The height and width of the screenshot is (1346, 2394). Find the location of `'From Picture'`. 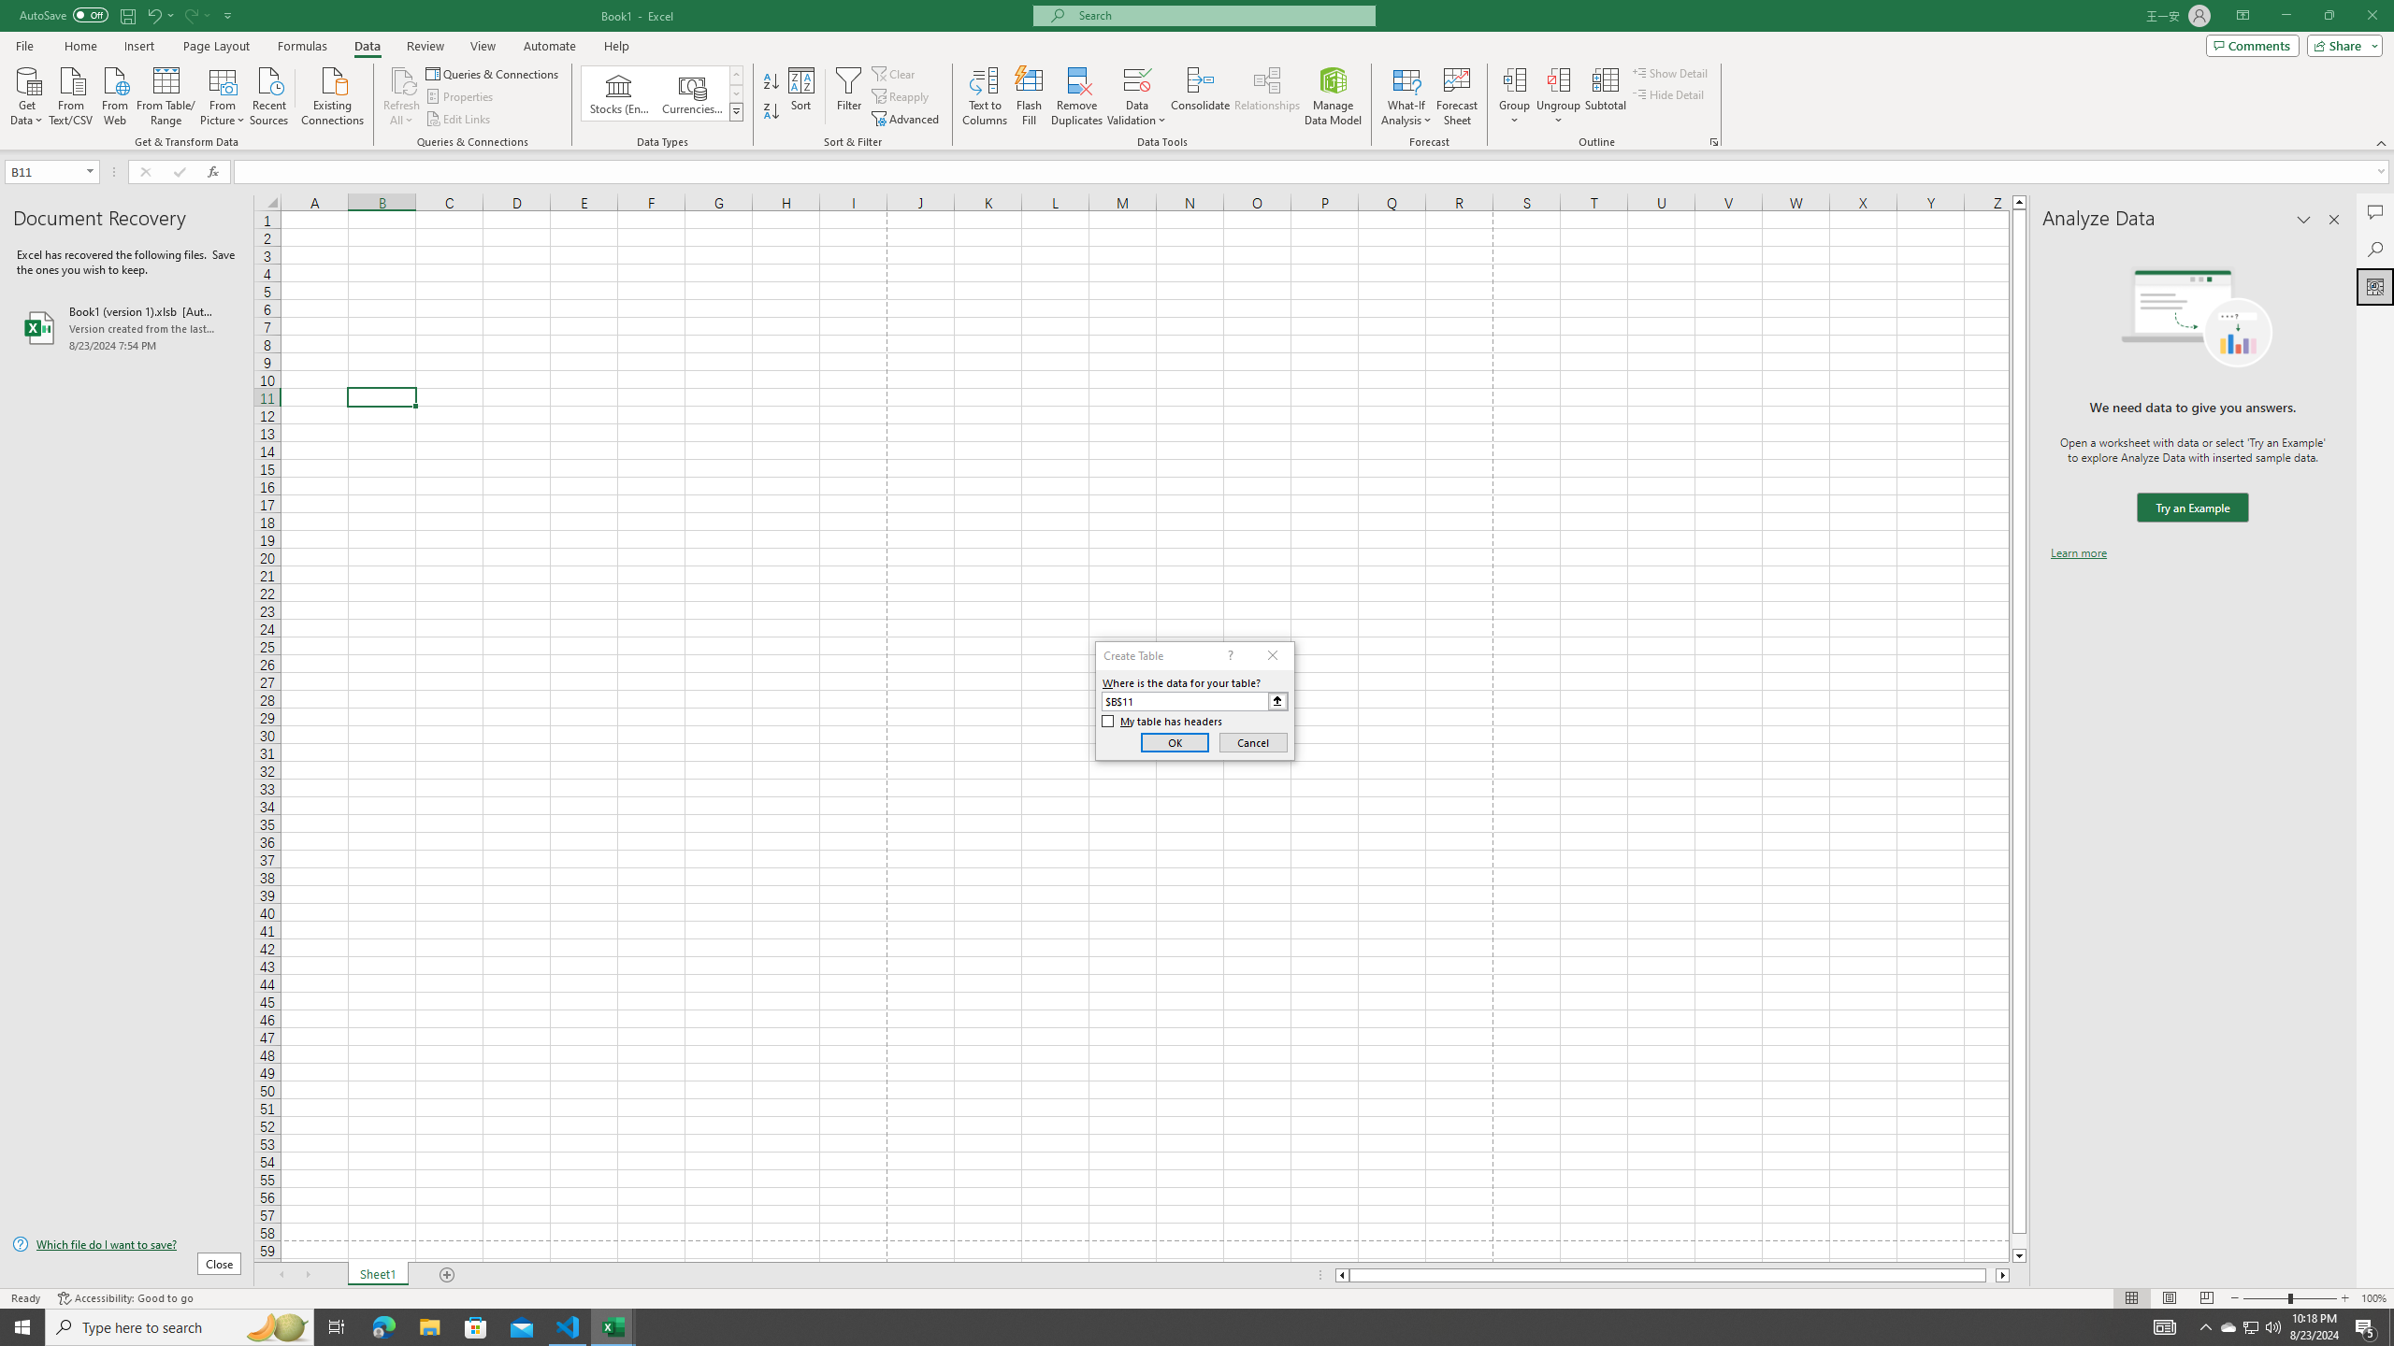

'From Picture' is located at coordinates (224, 93).